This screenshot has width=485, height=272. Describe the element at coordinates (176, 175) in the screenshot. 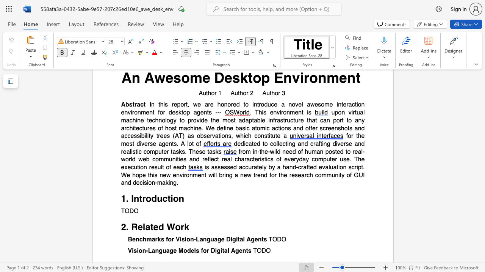

I see `the subset text "nvironment" within the text "new environment"` at that location.